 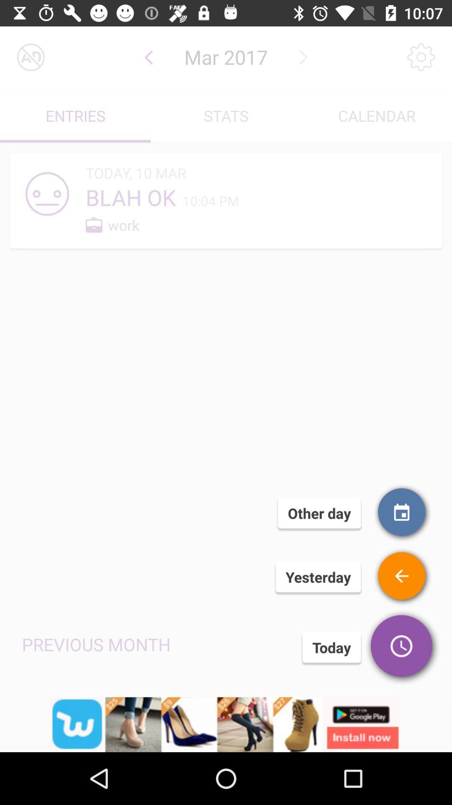 I want to click on the text left side of today, so click(x=96, y=644).